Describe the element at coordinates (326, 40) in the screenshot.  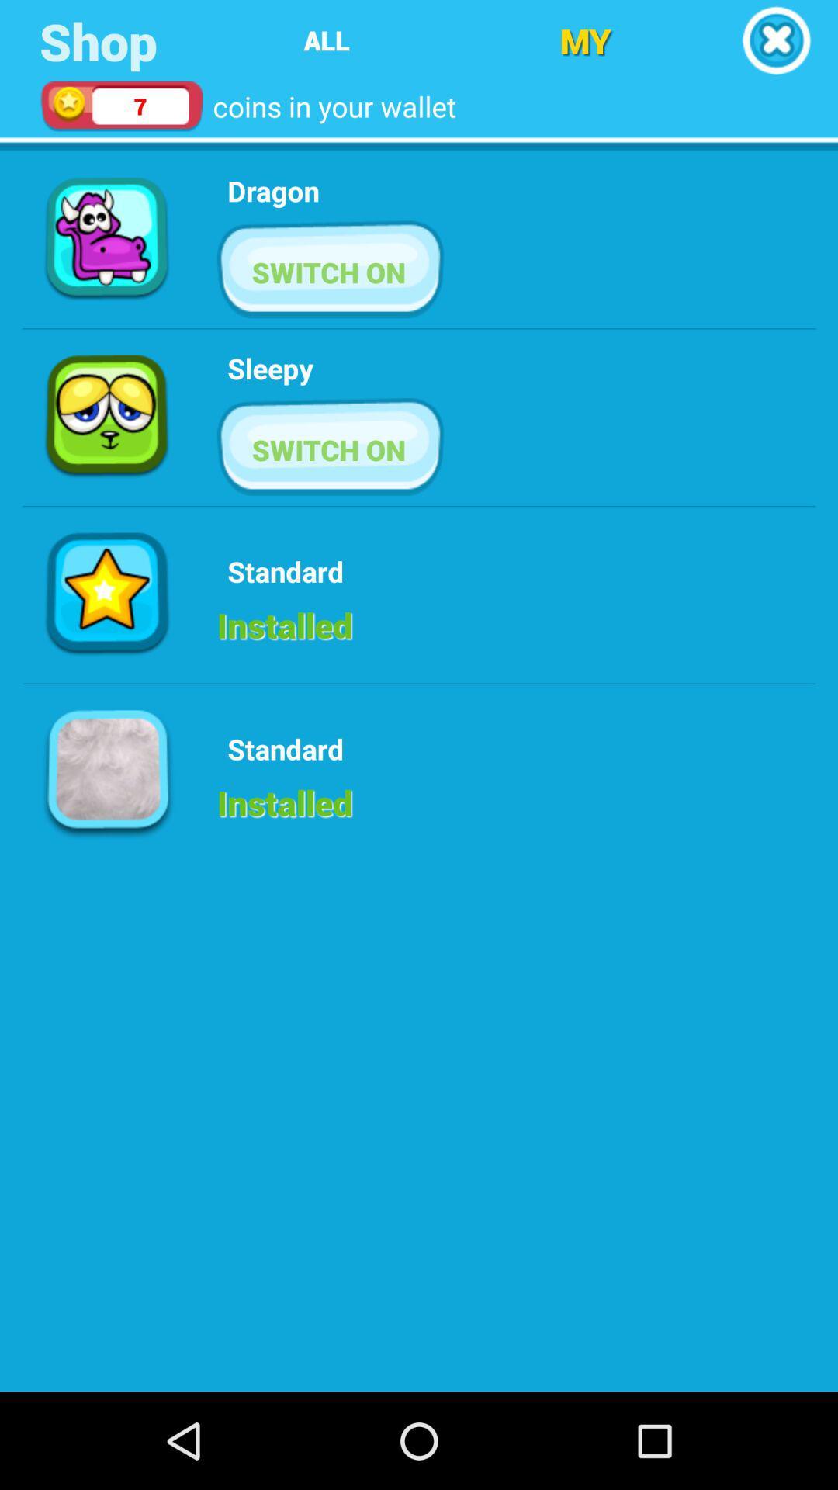
I see `the icon above coins in your icon` at that location.